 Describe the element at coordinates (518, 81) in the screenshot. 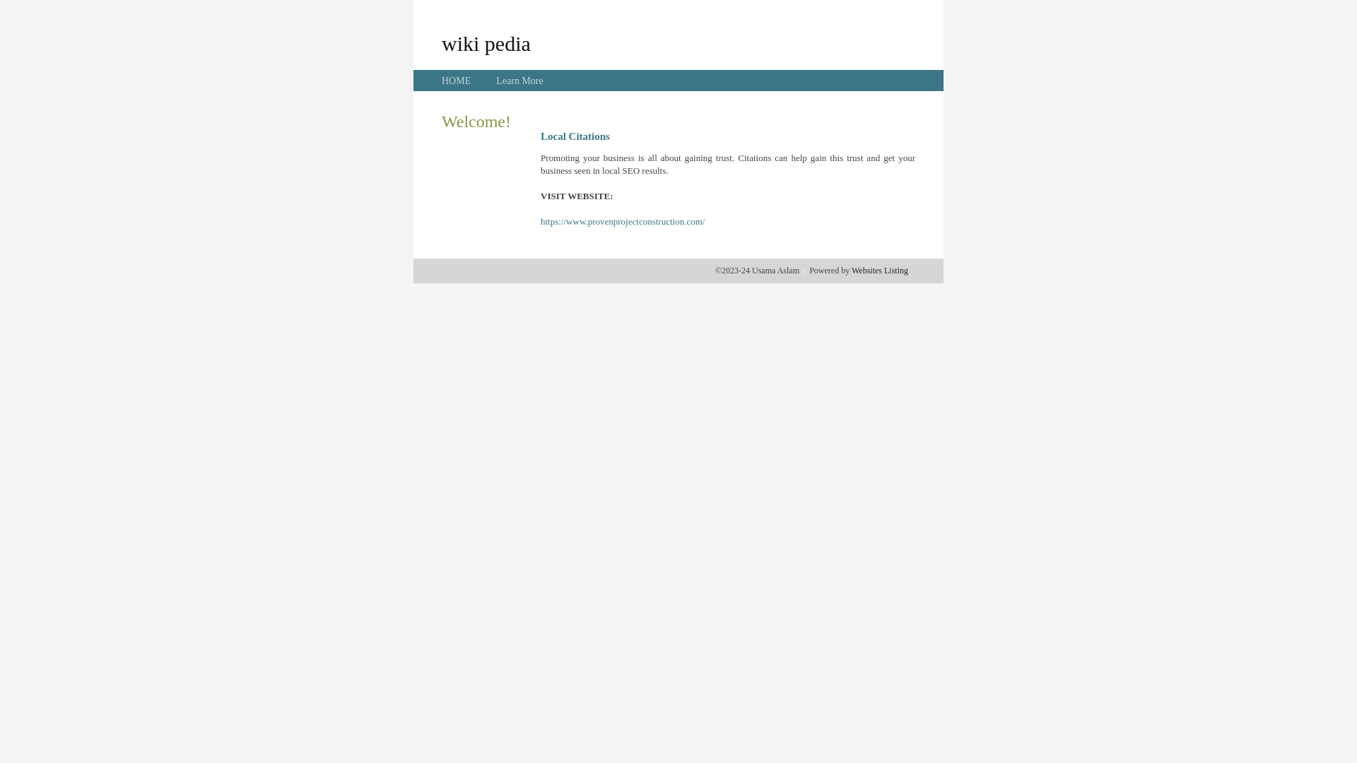

I see `'Learn More'` at that location.